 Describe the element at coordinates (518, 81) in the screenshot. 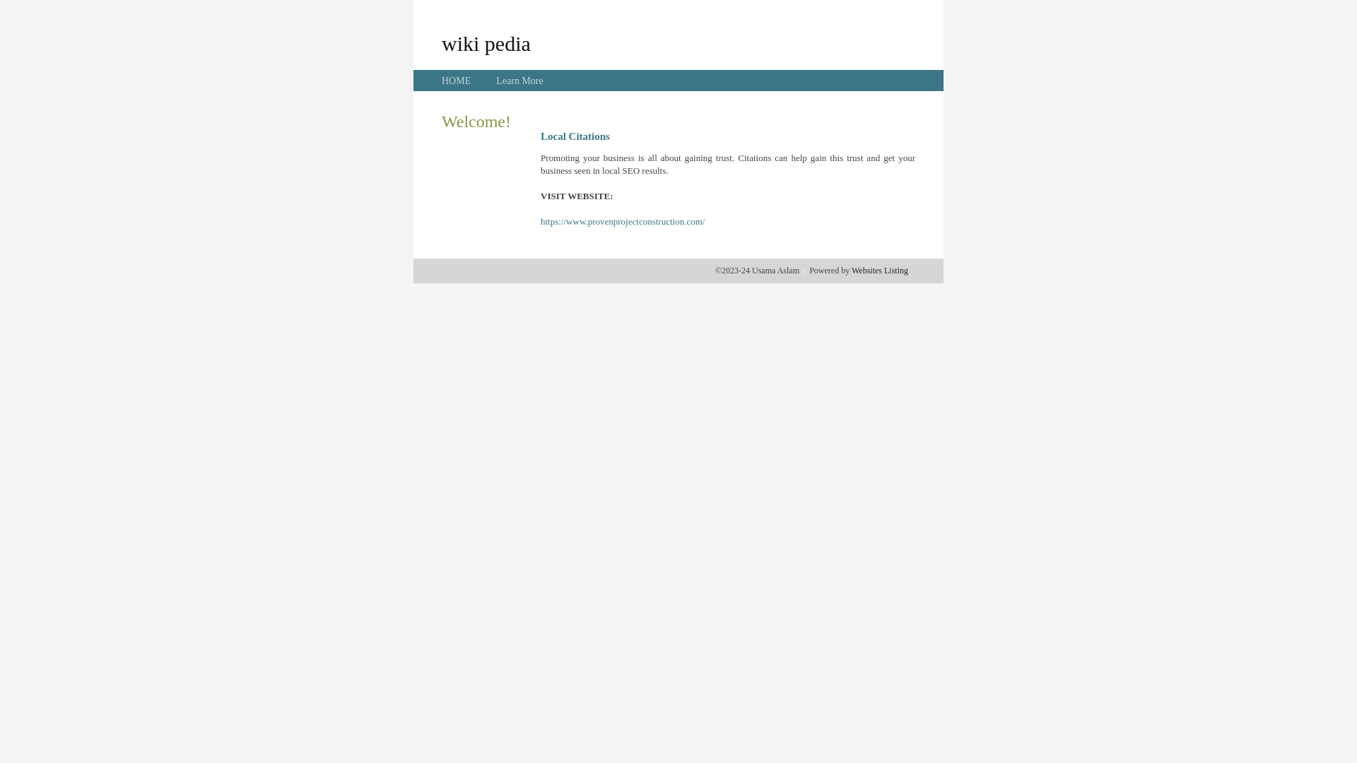

I see `'Learn More'` at that location.